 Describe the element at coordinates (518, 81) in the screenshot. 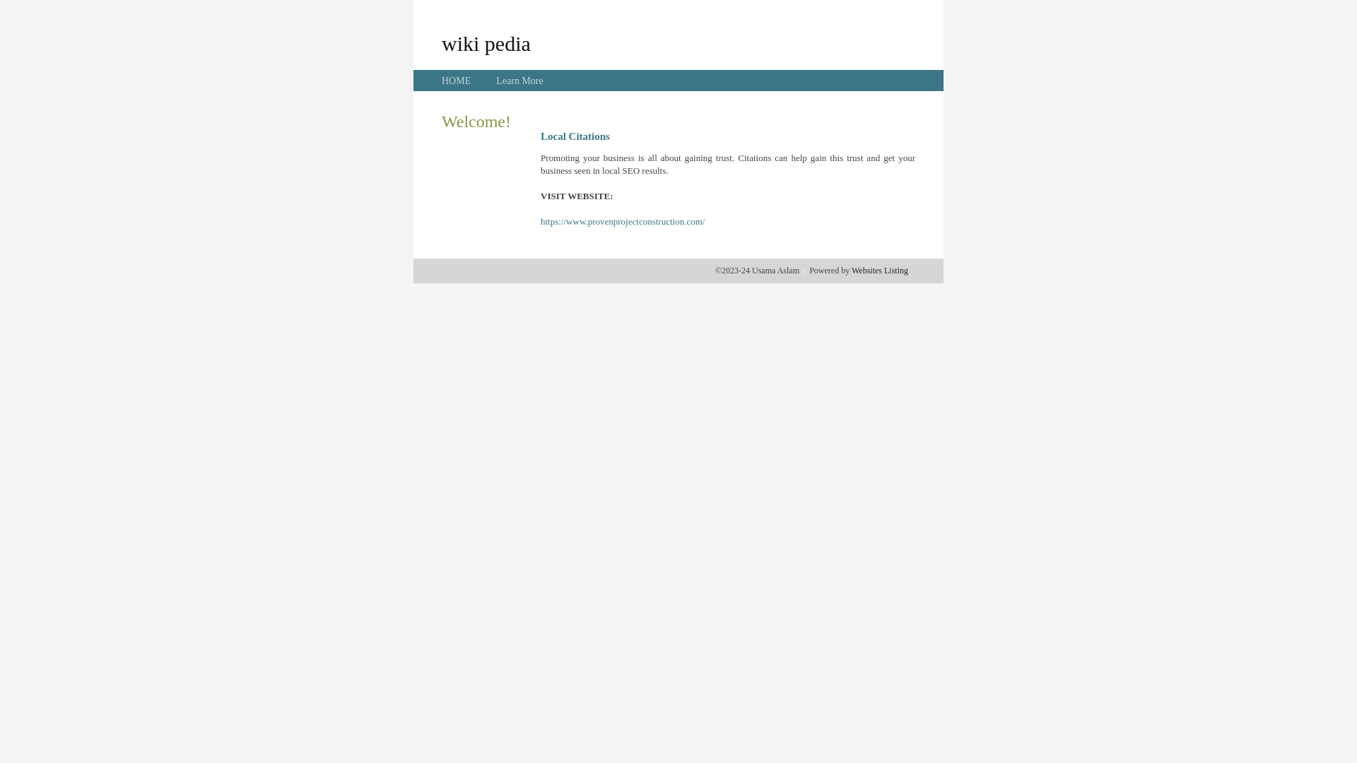

I see `'Learn More'` at that location.